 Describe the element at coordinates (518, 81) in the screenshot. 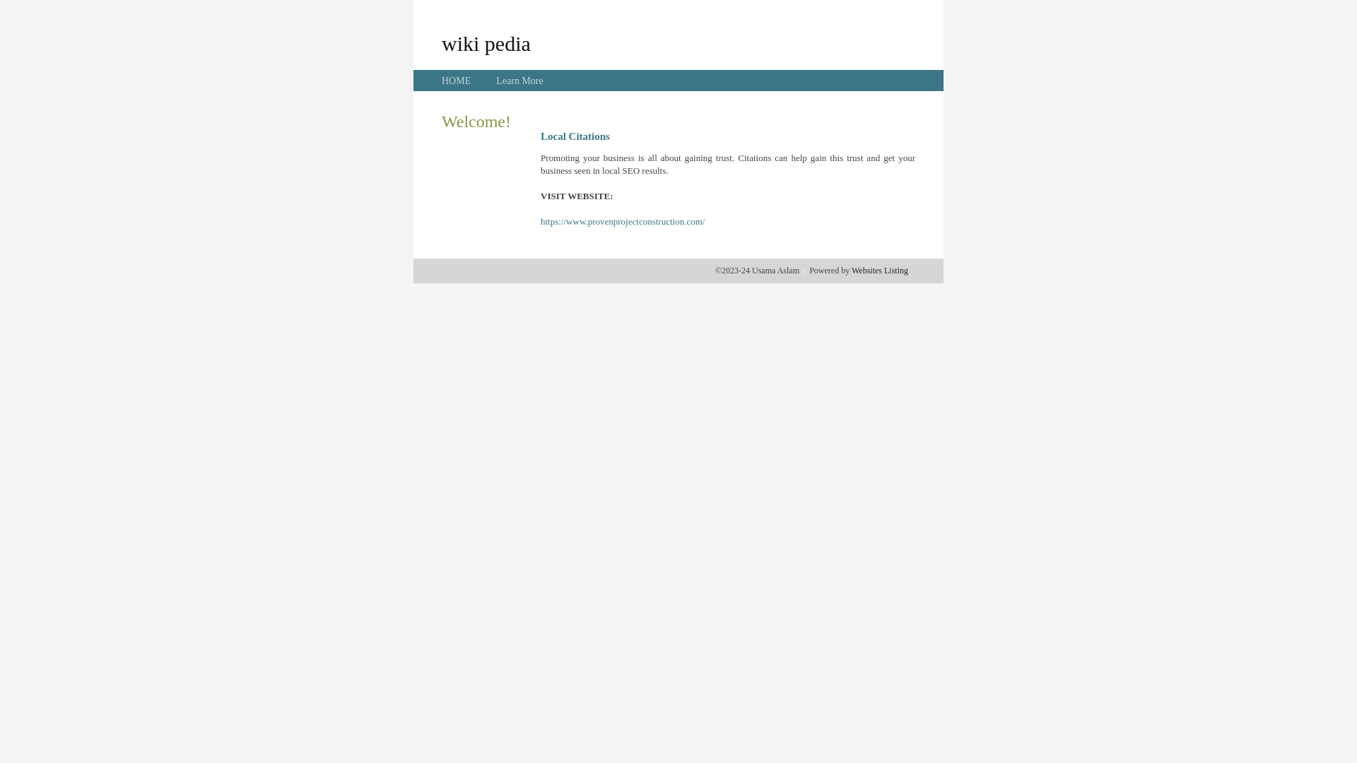

I see `'Learn More'` at that location.